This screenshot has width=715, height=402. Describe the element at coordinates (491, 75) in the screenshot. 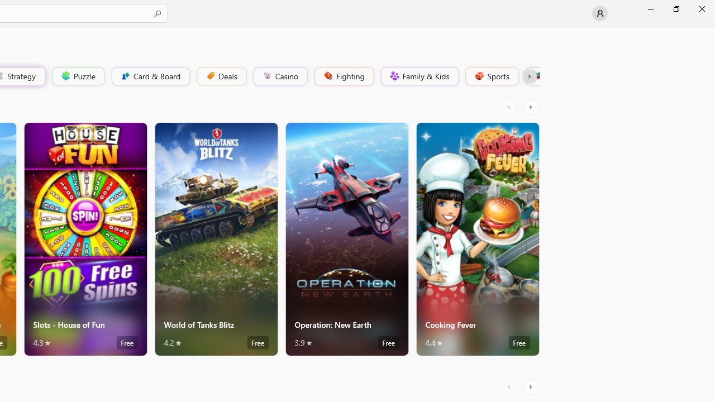

I see `'Sports'` at that location.